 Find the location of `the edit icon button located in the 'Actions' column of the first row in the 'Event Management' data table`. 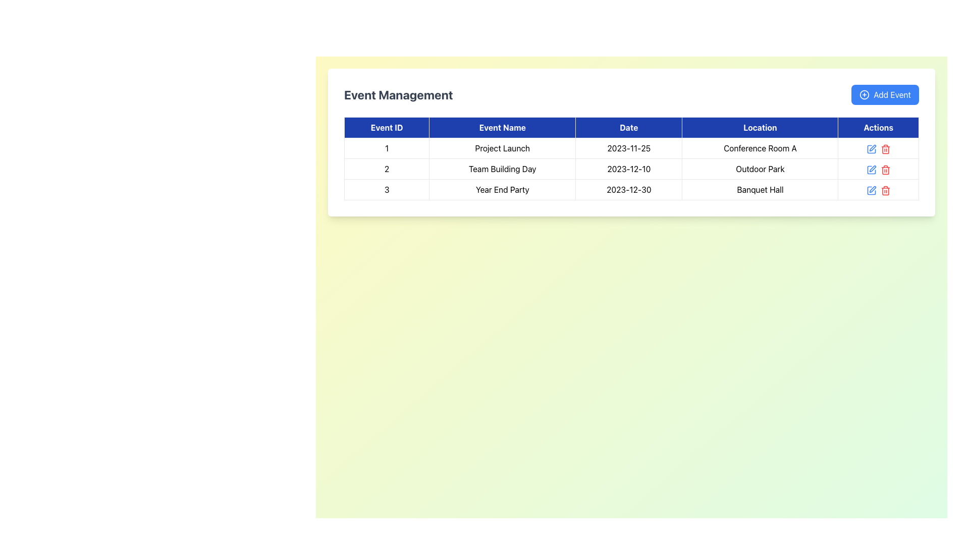

the edit icon button located in the 'Actions' column of the first row in the 'Event Management' data table is located at coordinates (871, 149).